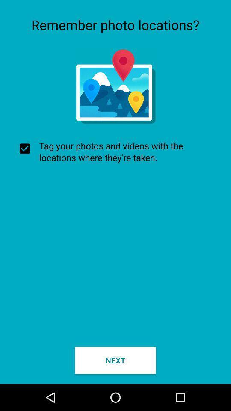 The image size is (231, 411). Describe the element at coordinates (115, 360) in the screenshot. I see `the next button` at that location.